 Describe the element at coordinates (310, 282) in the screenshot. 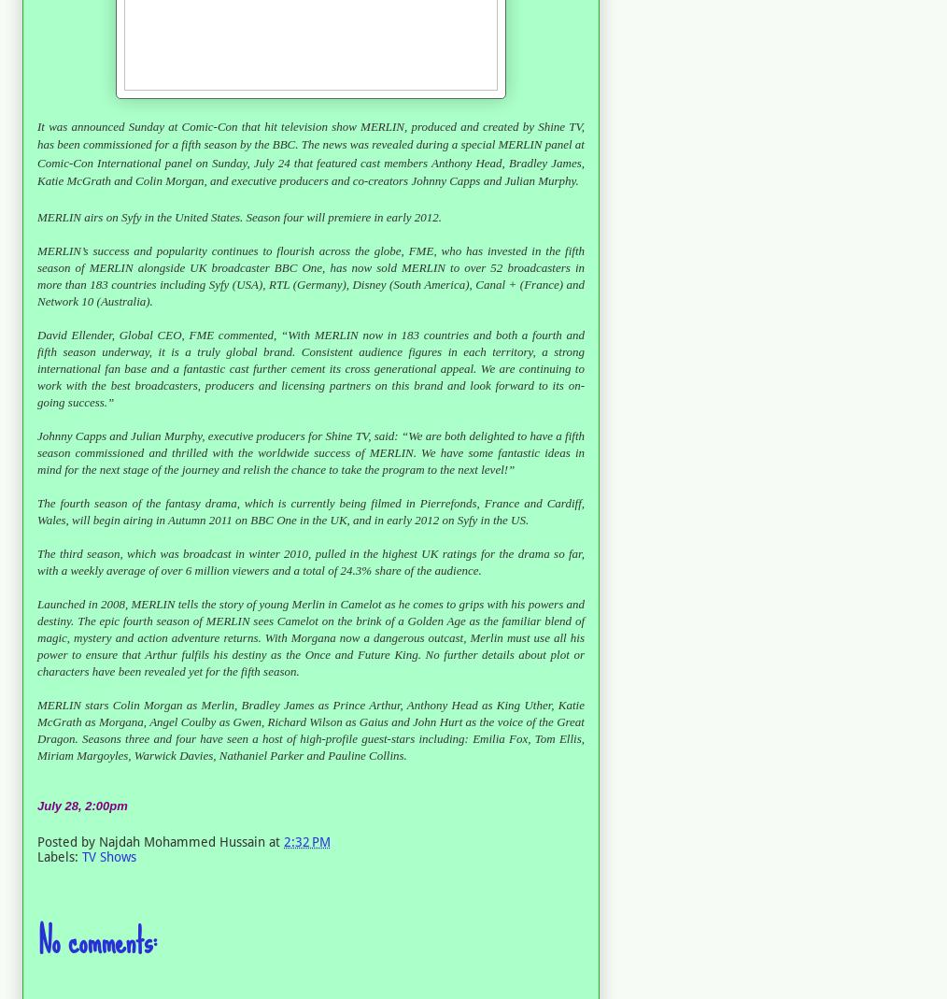

I see `'to over 52 broadcasters in more than 183 countries including Syfy (USA), RTL (Germany), Disney (South America), Canal + (France) and Network 10 (Australia).'` at that location.